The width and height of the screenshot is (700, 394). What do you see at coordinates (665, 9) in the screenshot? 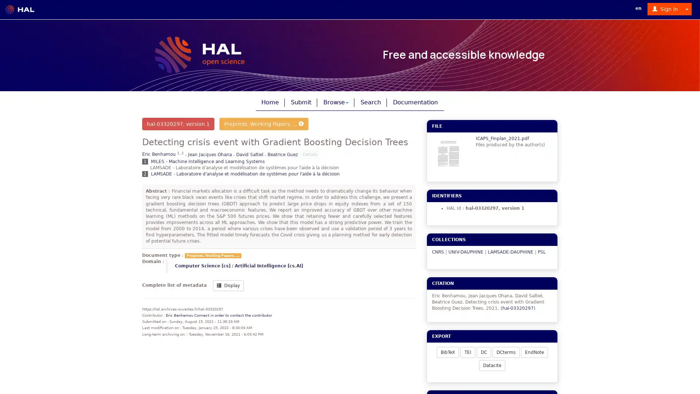
I see `Sign in` at bounding box center [665, 9].